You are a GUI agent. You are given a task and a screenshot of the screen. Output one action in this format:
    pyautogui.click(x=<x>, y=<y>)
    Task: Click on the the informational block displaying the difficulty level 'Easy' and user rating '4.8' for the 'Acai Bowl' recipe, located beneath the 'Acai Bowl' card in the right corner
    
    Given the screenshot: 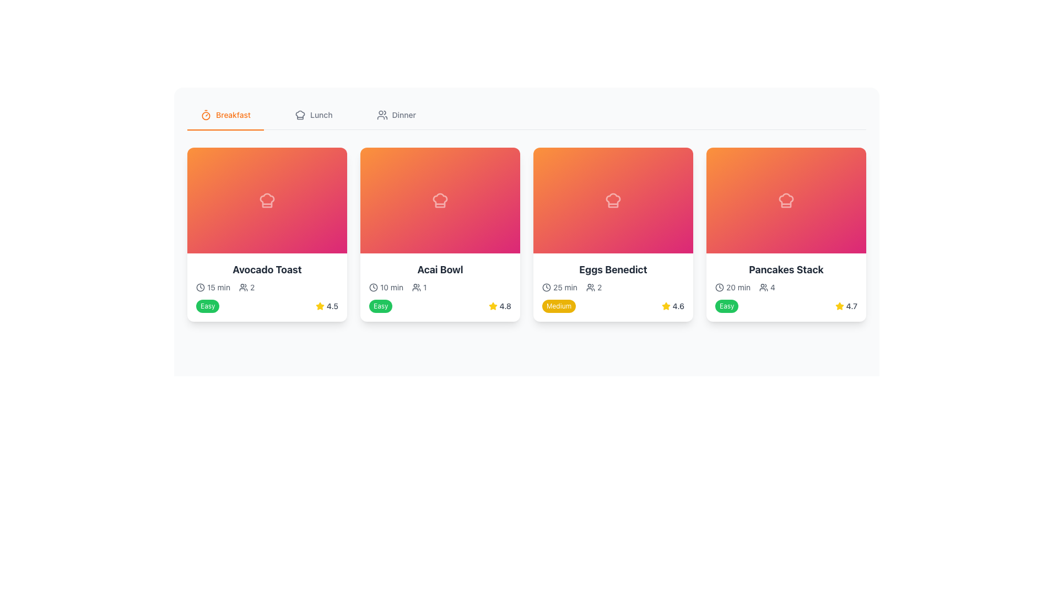 What is the action you would take?
    pyautogui.click(x=439, y=306)
    